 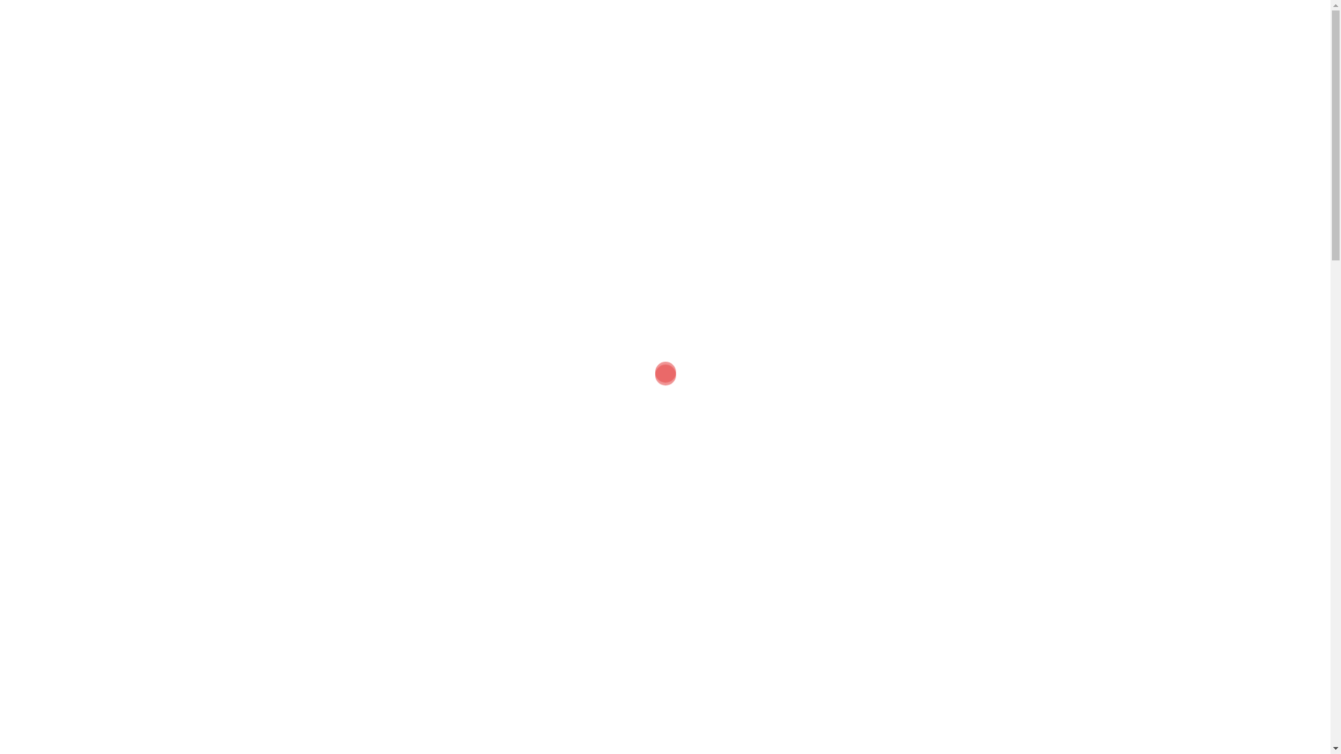 I want to click on 'Speed dating Melbourne', so click(x=337, y=39).